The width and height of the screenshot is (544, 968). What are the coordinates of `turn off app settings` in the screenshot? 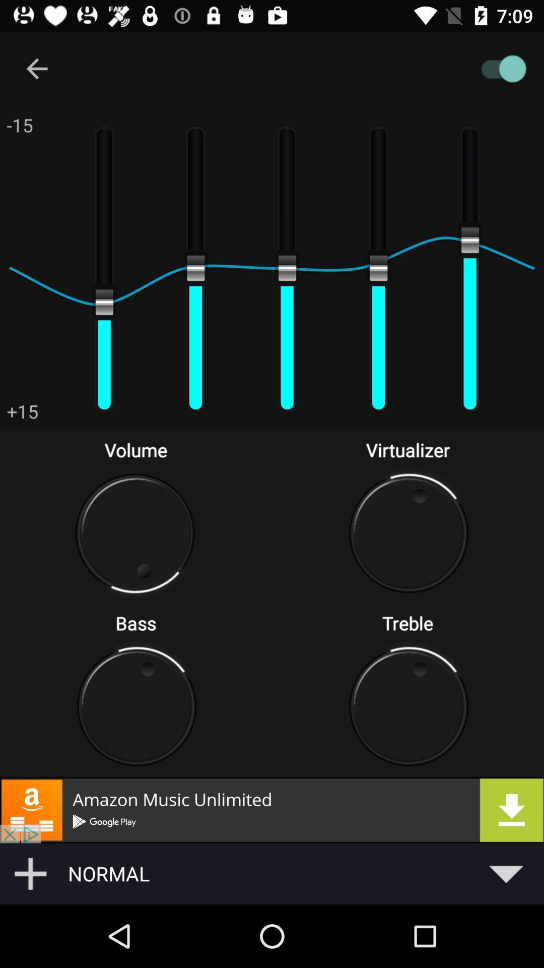 It's located at (319, 68).